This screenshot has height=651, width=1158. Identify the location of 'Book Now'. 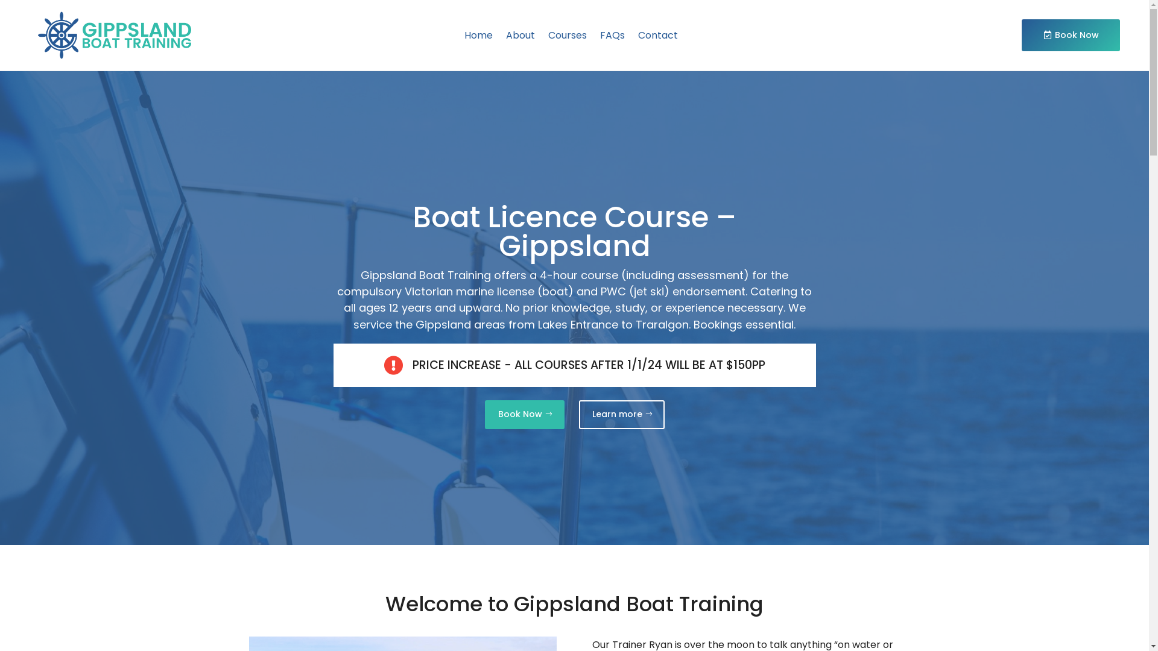
(1071, 34).